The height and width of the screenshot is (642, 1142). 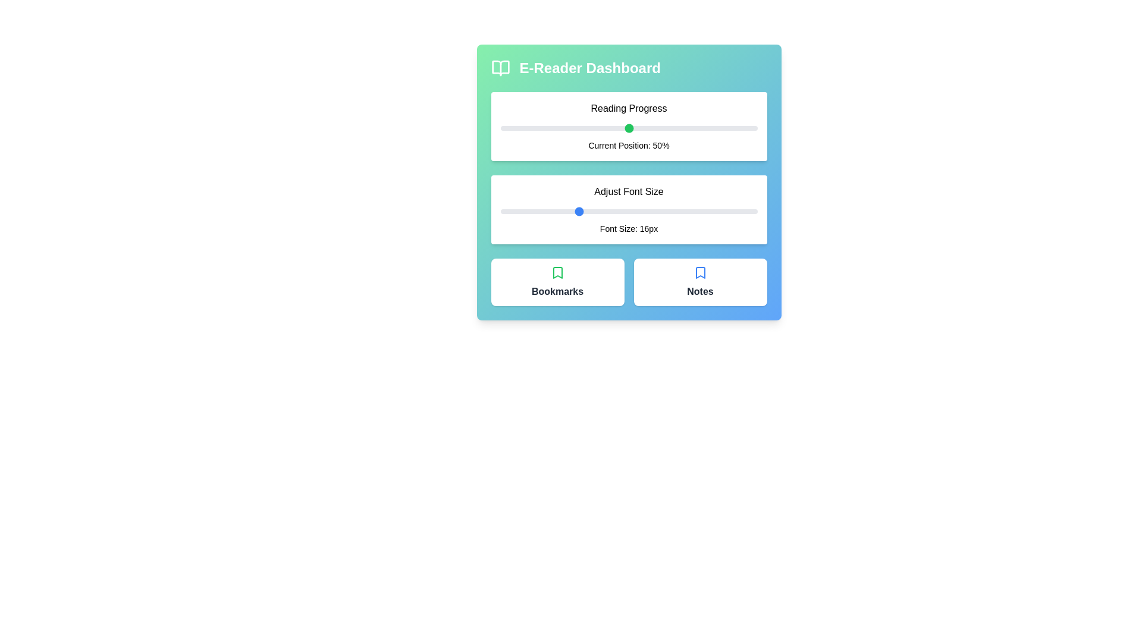 What do you see at coordinates (538, 210) in the screenshot?
I see `the font size slider to 13 px` at bounding box center [538, 210].